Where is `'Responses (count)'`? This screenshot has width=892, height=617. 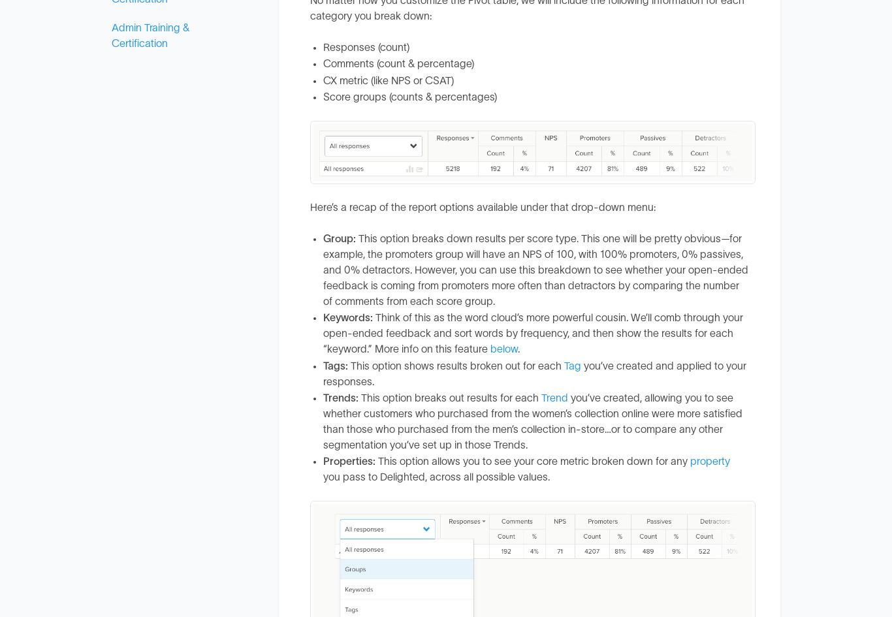
'Responses (count)' is located at coordinates (366, 46).